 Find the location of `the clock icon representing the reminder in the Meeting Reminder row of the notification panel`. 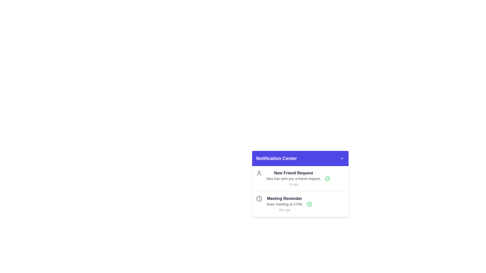

the clock icon representing the reminder in the Meeting Reminder row of the notification panel is located at coordinates (259, 198).